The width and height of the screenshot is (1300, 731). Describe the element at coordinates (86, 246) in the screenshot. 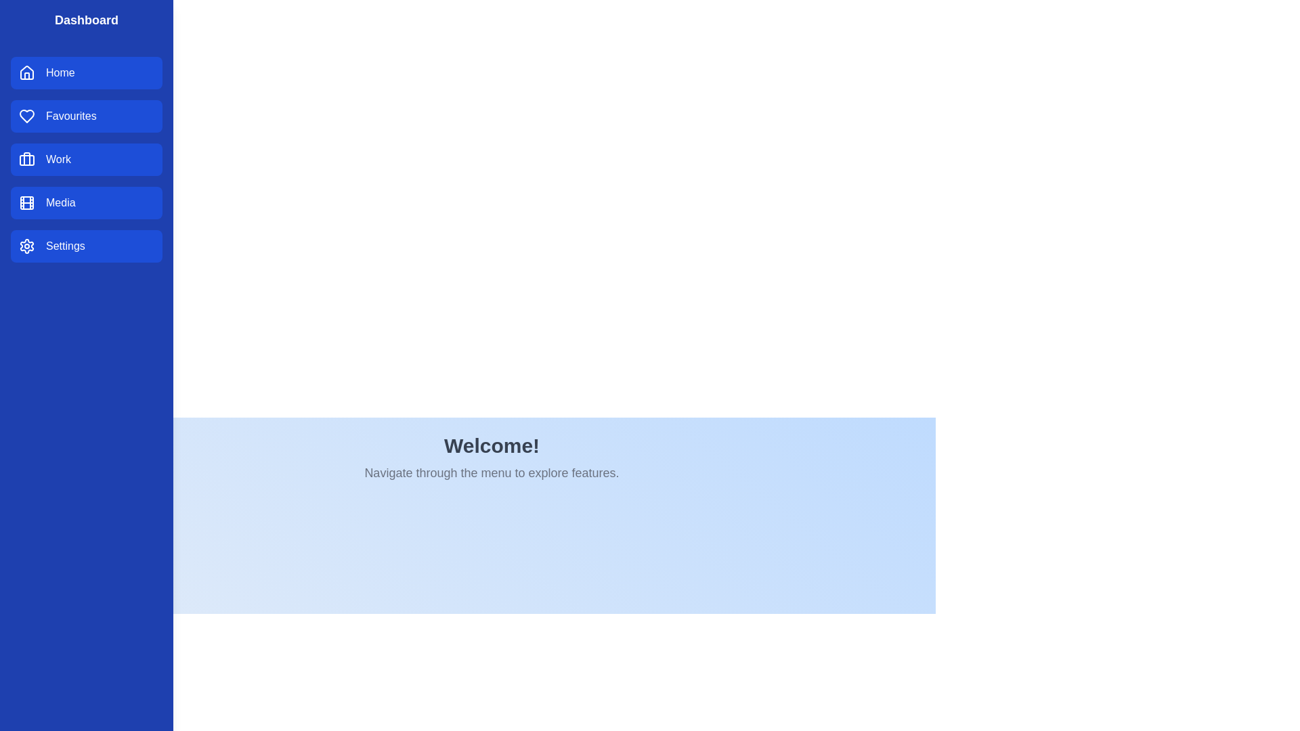

I see `the category Settings from the sidebar menu` at that location.